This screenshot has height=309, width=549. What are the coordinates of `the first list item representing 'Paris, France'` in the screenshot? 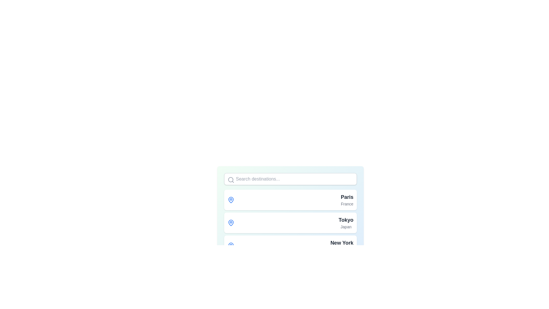 It's located at (291, 199).